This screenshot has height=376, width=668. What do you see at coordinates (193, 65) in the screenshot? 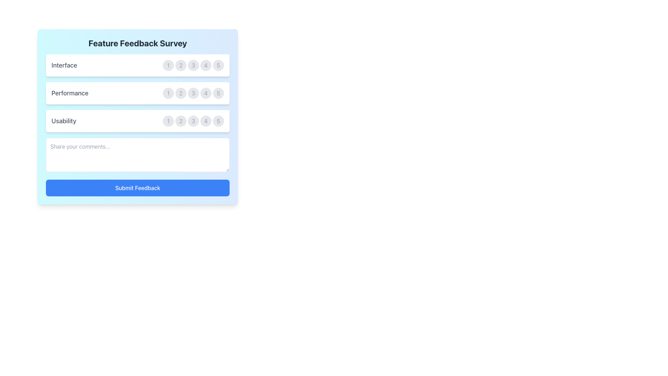
I see `the third circular button for the 'Interface' rating in the feedback survey` at bounding box center [193, 65].